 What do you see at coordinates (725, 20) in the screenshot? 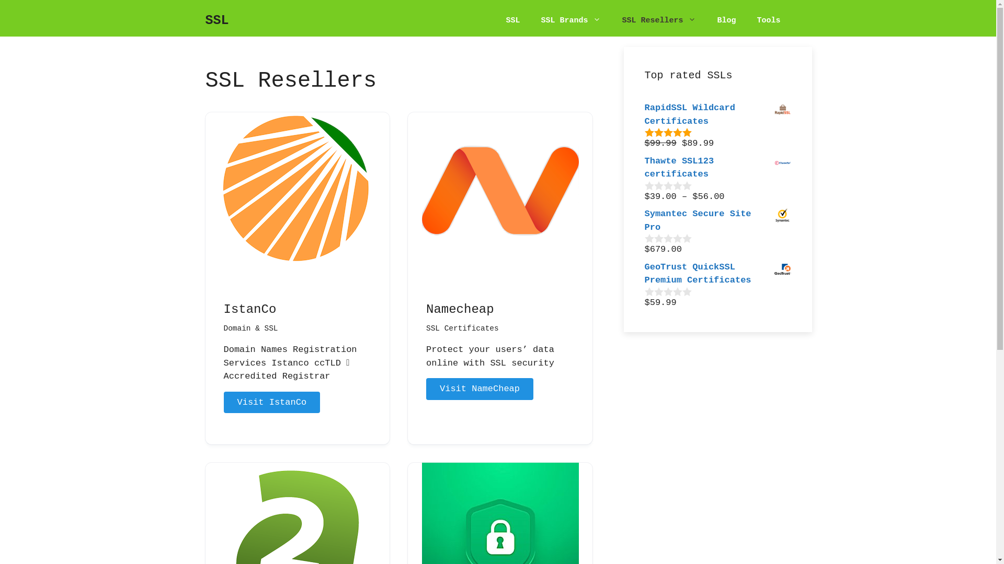
I see `'Blog'` at bounding box center [725, 20].